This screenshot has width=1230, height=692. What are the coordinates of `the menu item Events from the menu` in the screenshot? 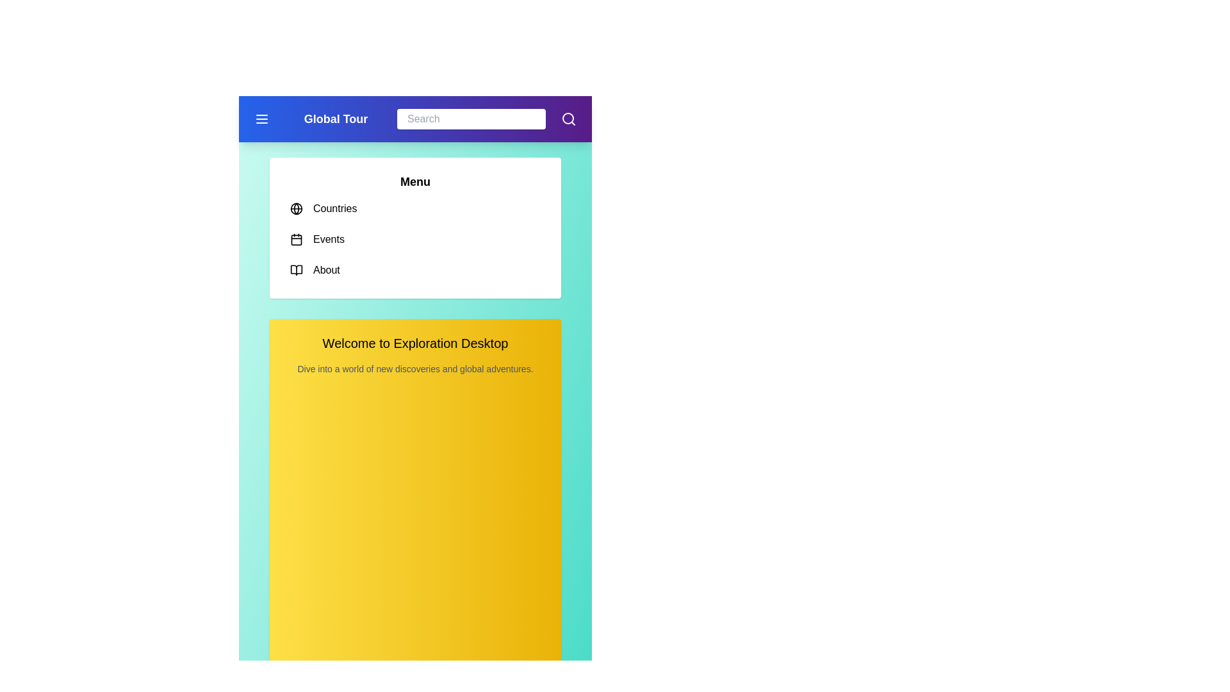 It's located at (415, 240).